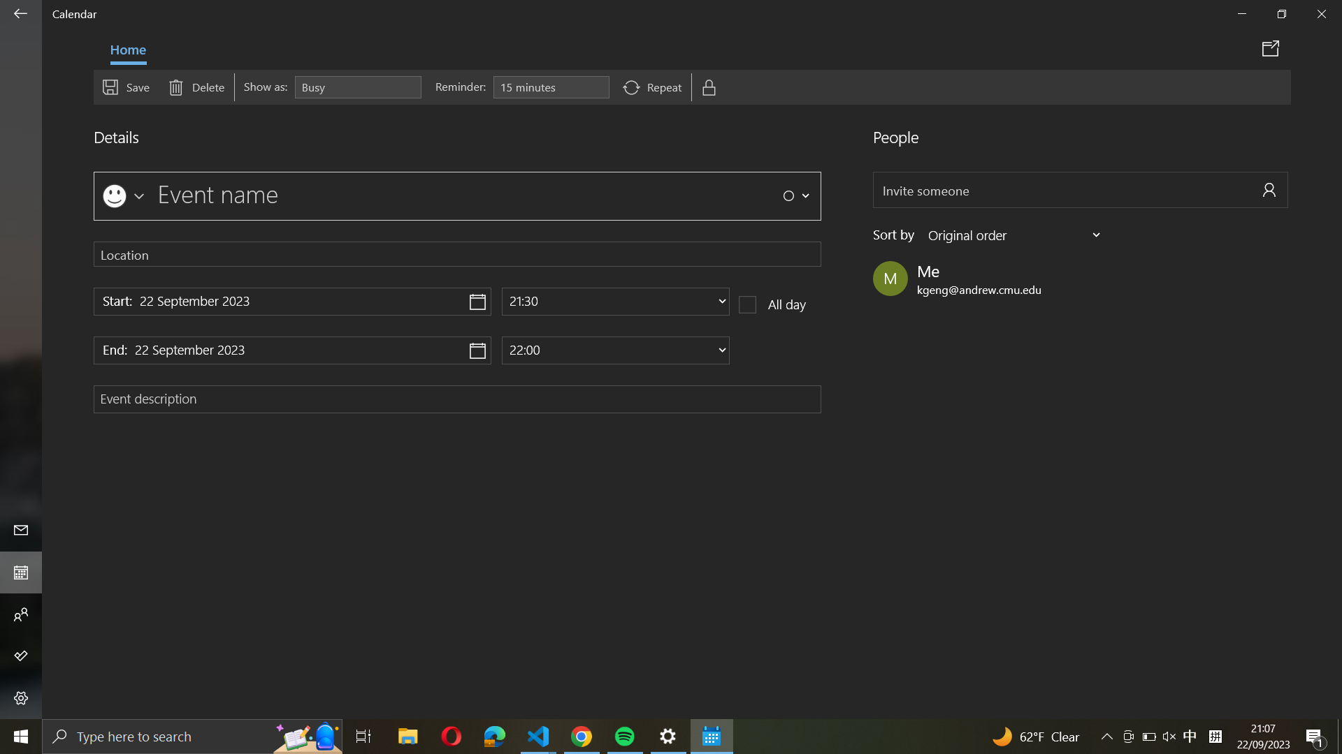 The width and height of the screenshot is (1342, 754). Describe the element at coordinates (615, 349) in the screenshot. I see `Adjust the termination time of the event to 10:00 PM` at that location.